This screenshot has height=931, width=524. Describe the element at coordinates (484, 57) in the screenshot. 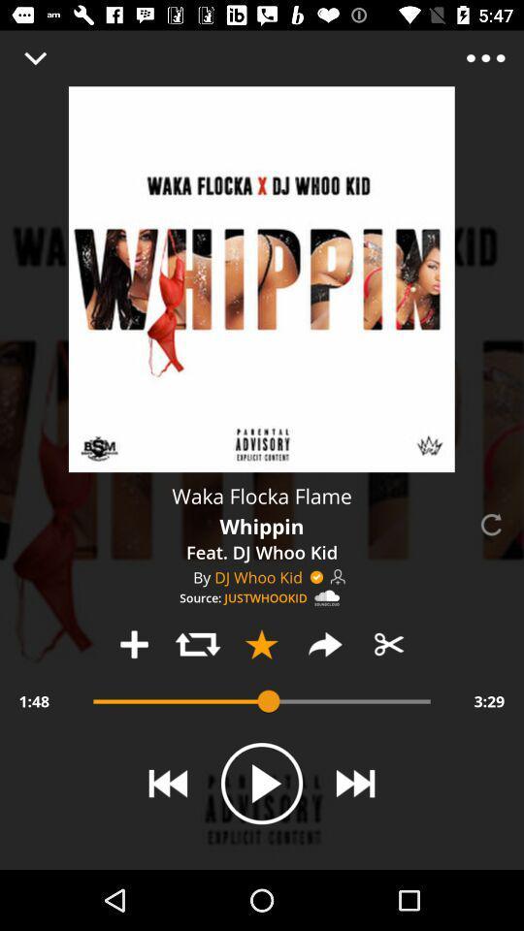

I see `the more icon` at that location.